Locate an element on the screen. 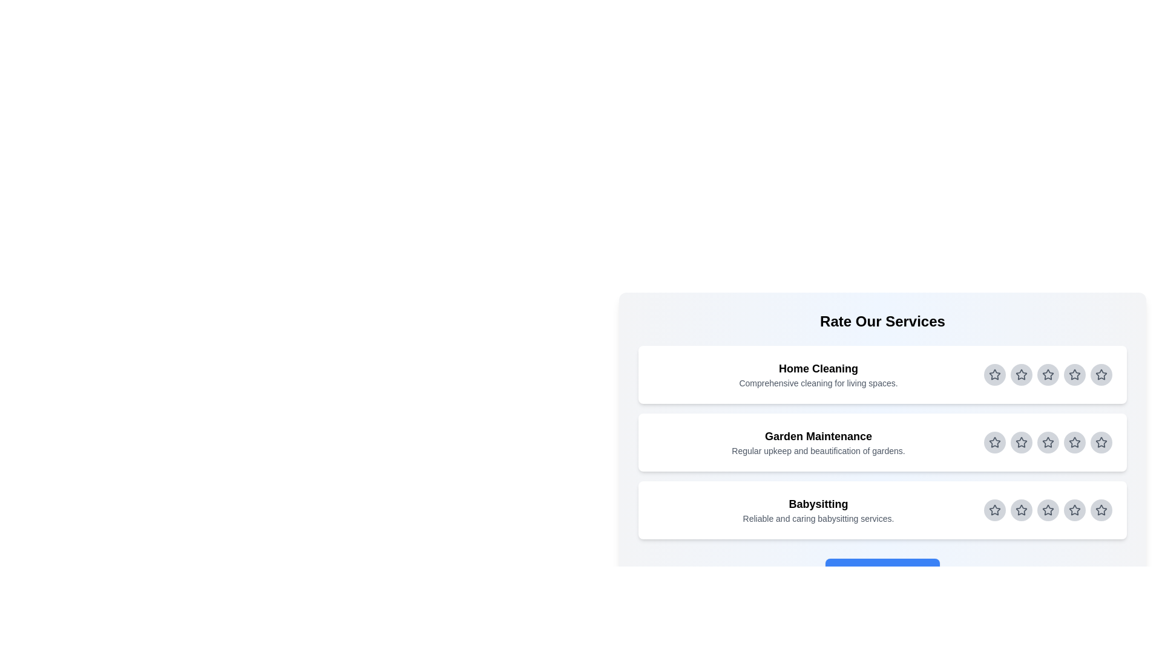 Image resolution: width=1162 pixels, height=653 pixels. the description of the selected service for reading is located at coordinates (818, 383).